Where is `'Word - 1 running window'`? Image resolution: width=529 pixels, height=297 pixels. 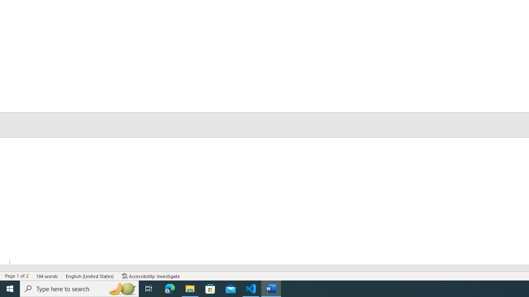
'Word - 1 running window' is located at coordinates (271, 288).